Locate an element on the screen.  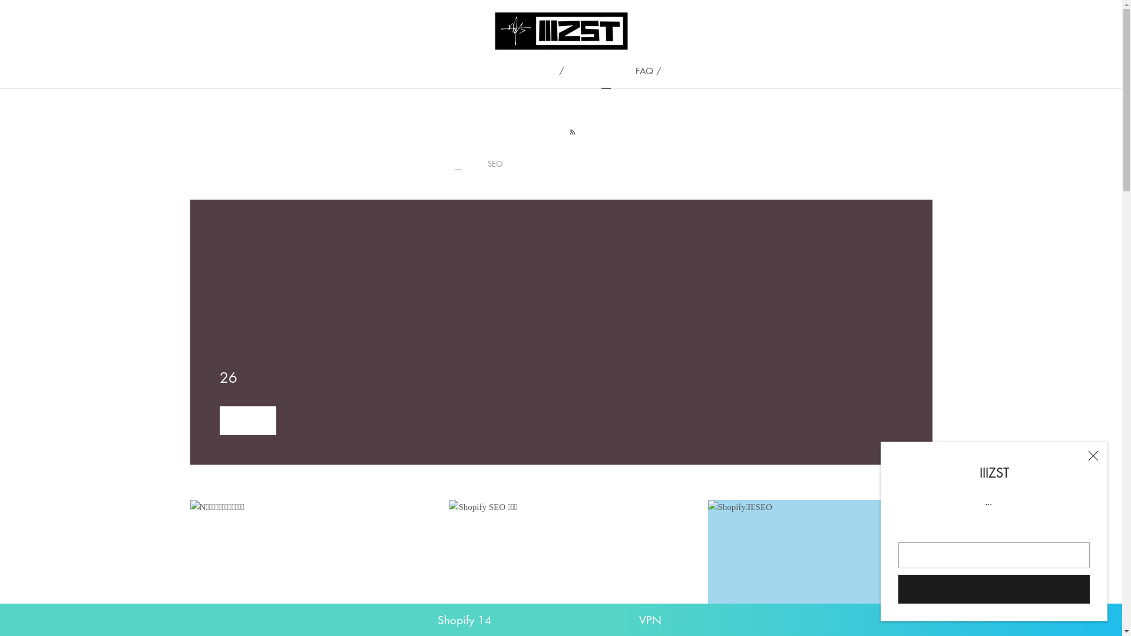
'SEO' is located at coordinates (488, 163).